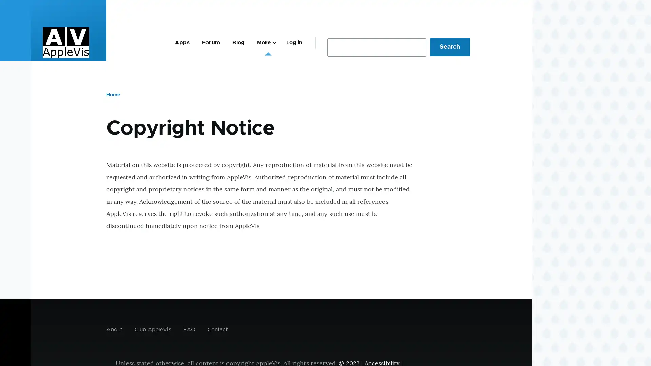 Image resolution: width=651 pixels, height=366 pixels. What do you see at coordinates (450, 46) in the screenshot?
I see `Search` at bounding box center [450, 46].